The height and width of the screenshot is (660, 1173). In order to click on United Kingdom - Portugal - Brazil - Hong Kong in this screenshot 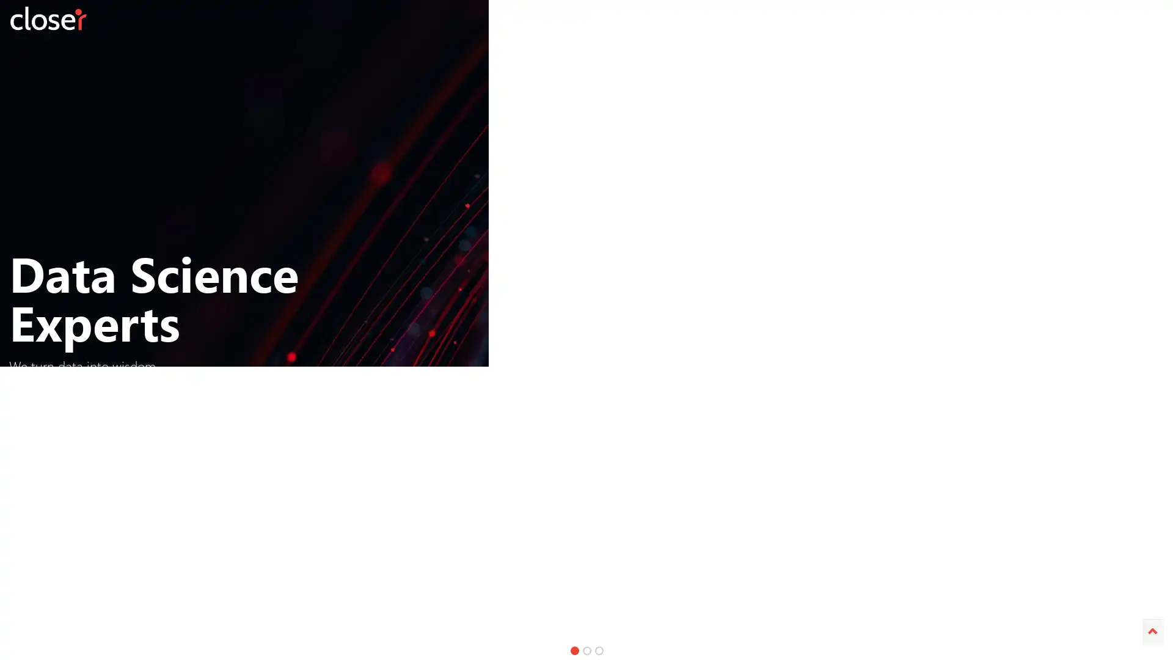, I will do `click(382, 399)`.